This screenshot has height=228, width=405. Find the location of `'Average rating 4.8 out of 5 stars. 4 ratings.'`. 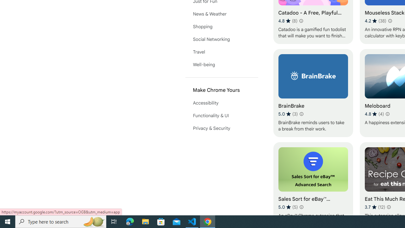

'Average rating 4.8 out of 5 stars. 4 ratings.' is located at coordinates (374, 114).